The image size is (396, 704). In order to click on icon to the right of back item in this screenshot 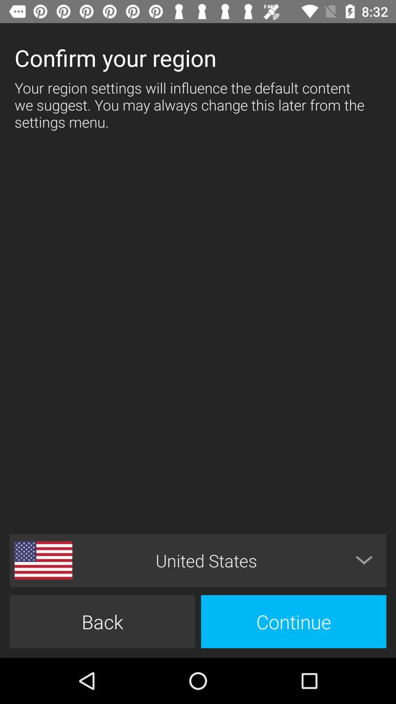, I will do `click(293, 621)`.